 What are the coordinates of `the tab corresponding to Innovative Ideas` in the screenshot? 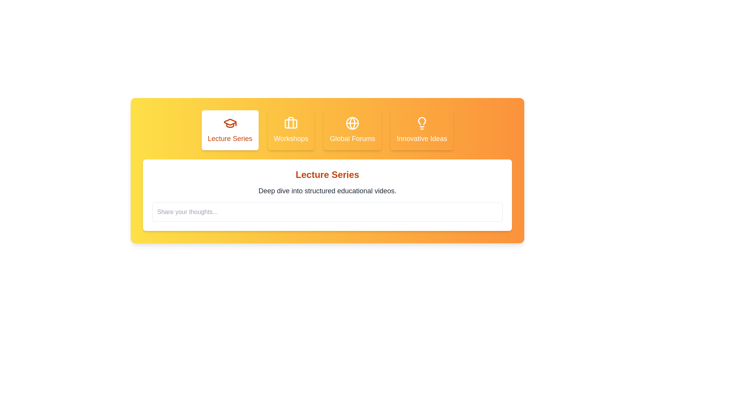 It's located at (421, 130).